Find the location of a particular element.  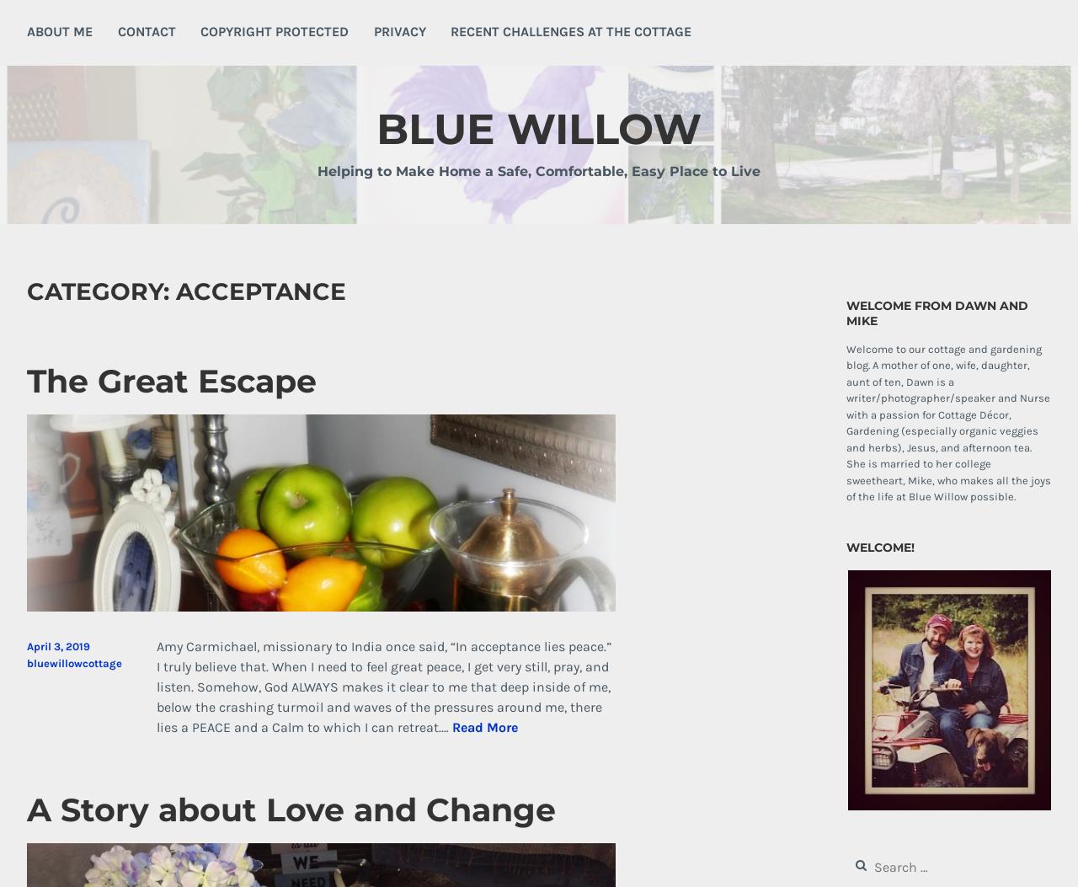

'Welcome!' is located at coordinates (878, 547).